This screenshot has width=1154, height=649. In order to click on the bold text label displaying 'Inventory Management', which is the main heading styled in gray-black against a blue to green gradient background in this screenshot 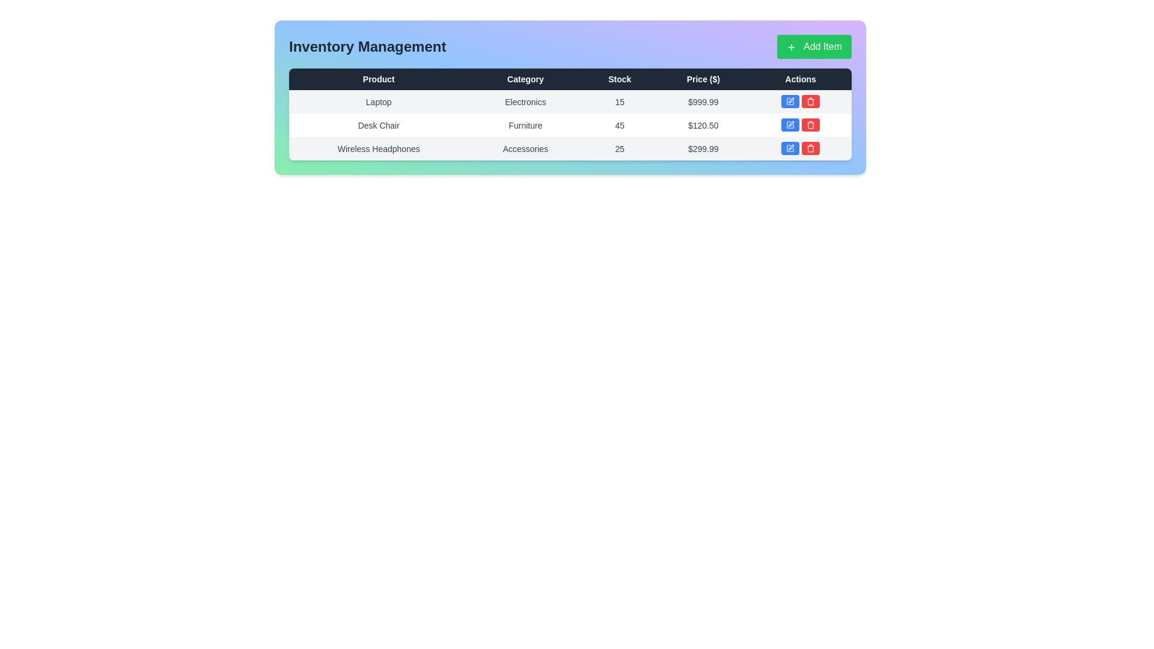, I will do `click(367, 46)`.